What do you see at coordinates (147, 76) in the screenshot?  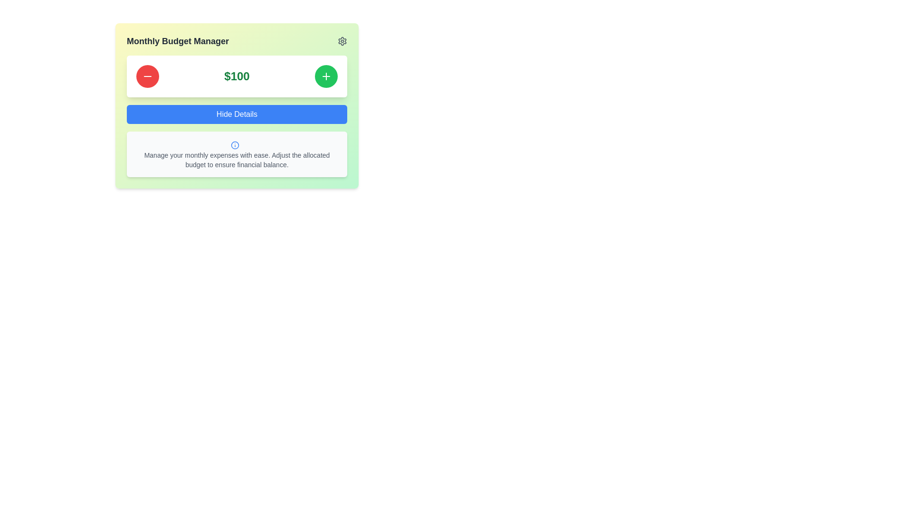 I see `the decrement button located to the left of the green dollar amount and the '+' button to decrease the associated value` at bounding box center [147, 76].